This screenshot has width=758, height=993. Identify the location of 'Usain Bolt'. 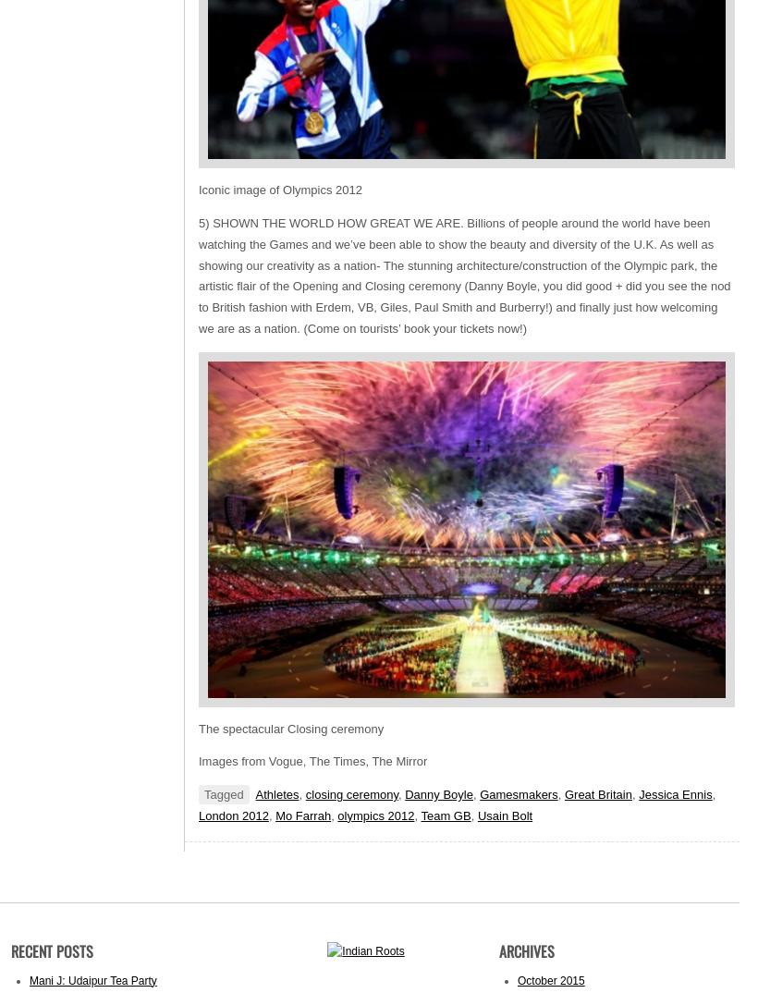
(504, 814).